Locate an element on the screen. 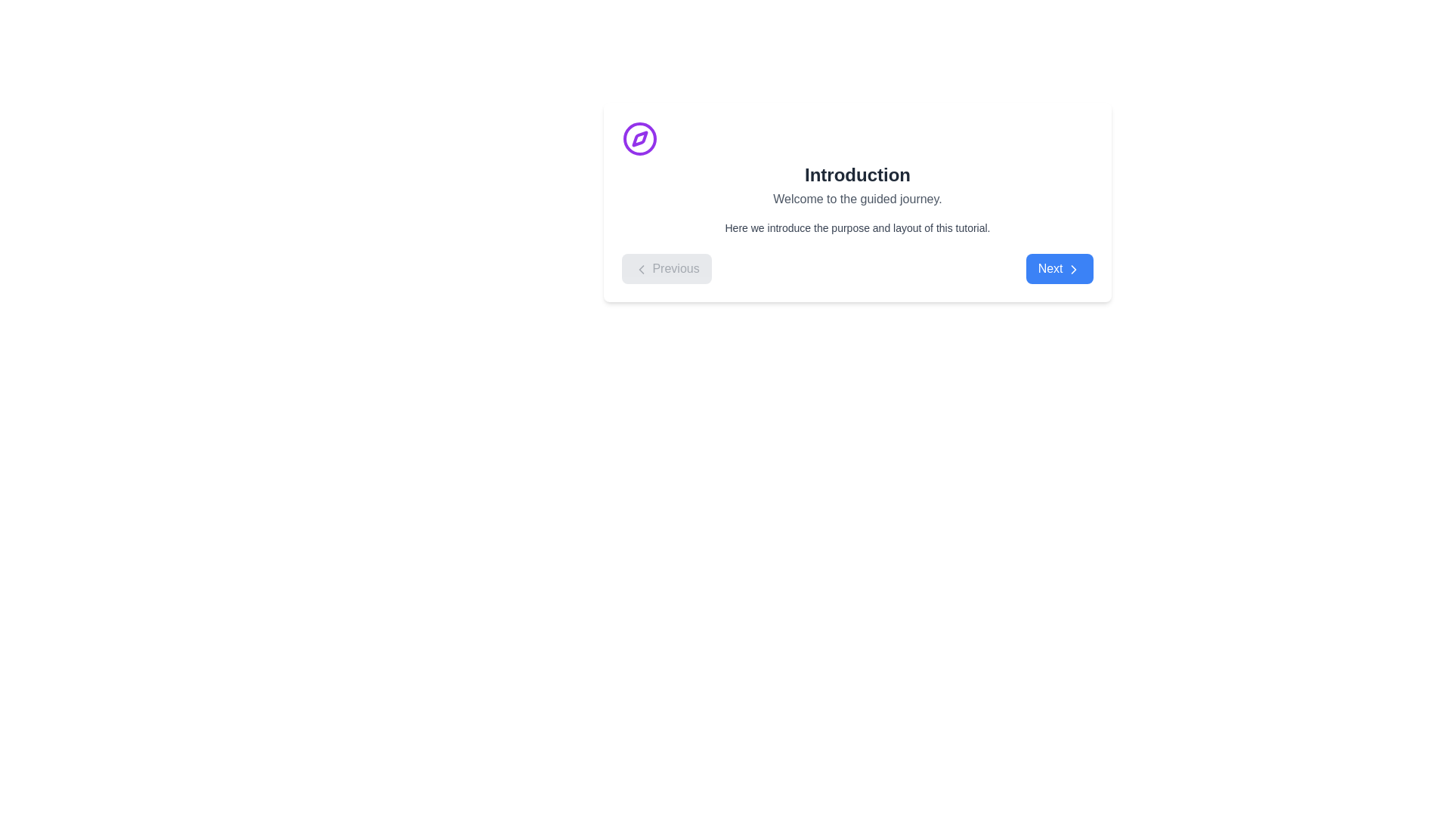  the left-pointing chevron arrow icon is located at coordinates (642, 267).